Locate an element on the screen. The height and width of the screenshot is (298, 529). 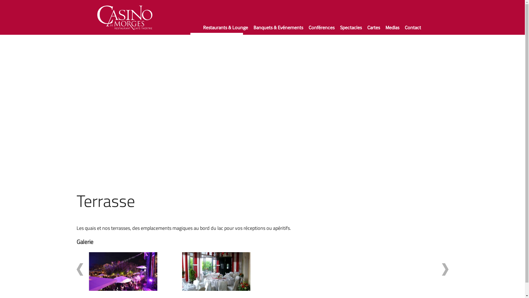
'Restaurants & Lounge' is located at coordinates (225, 30).